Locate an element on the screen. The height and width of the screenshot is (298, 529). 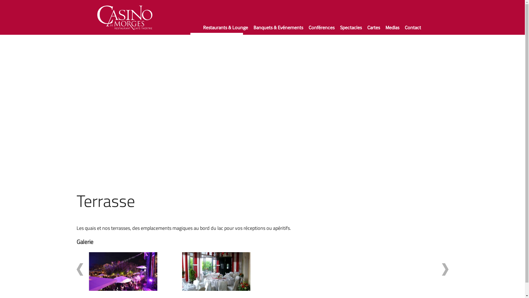
'Restaurants & Lounge' is located at coordinates (225, 30).